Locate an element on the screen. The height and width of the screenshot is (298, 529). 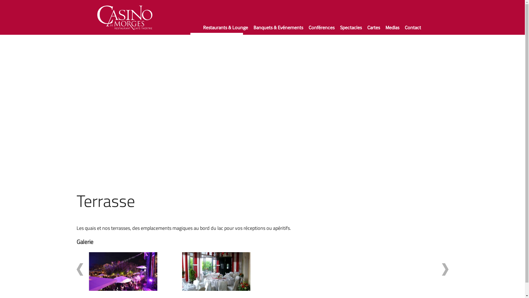
'Restaurants & Lounge' is located at coordinates (225, 30).